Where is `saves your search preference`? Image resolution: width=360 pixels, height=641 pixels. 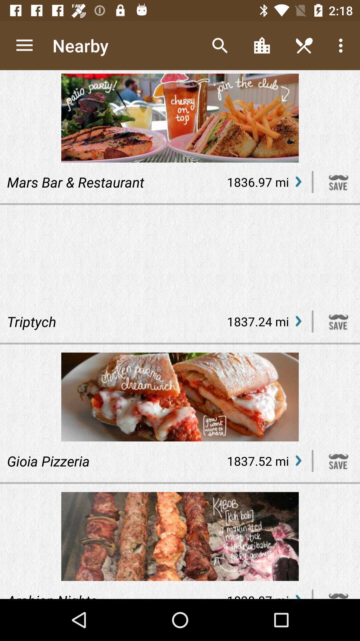 saves your search preference is located at coordinates (338, 182).